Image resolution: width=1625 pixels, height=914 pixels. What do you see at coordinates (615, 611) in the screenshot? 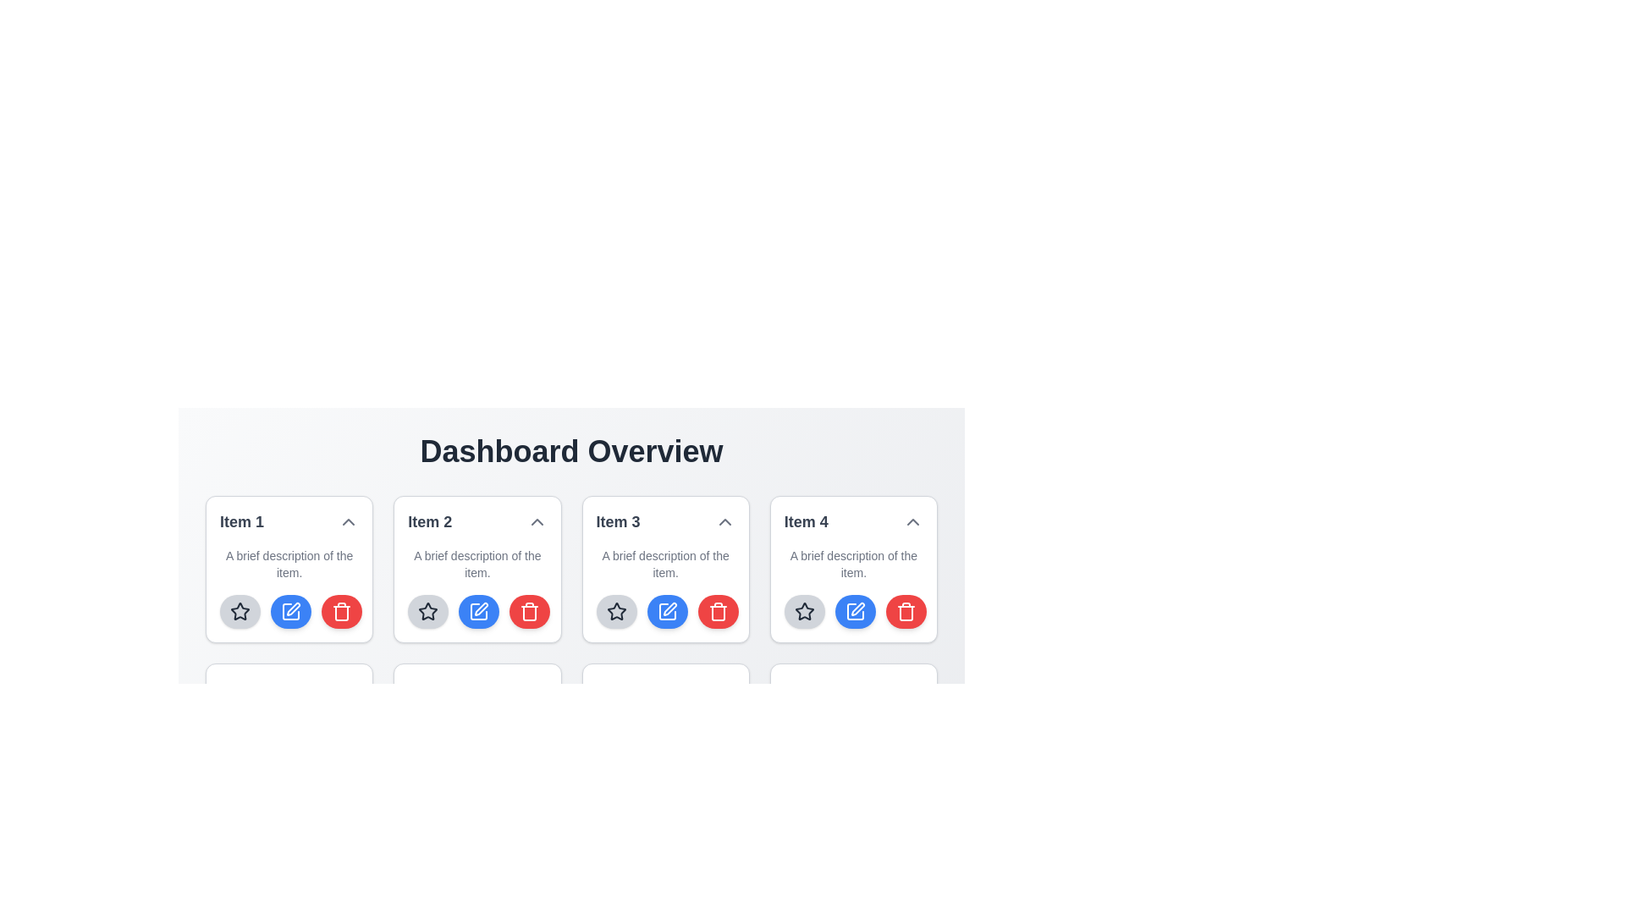
I see `the star icon with an outlined design filled with gray color located in the card labeled 'Item 3' to mark it as a favorite` at bounding box center [615, 611].